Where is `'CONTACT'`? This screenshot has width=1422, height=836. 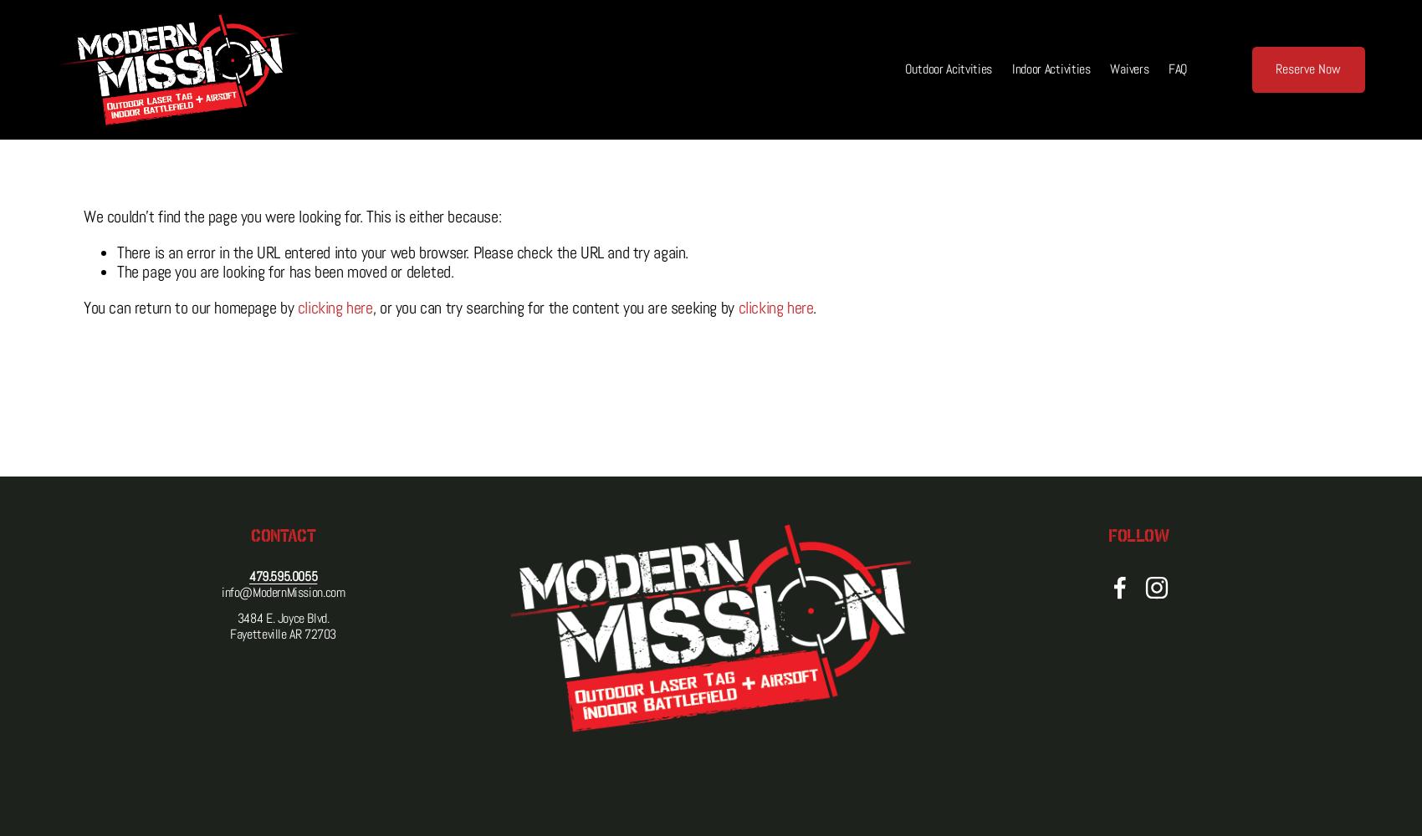 'CONTACT' is located at coordinates (282, 534).